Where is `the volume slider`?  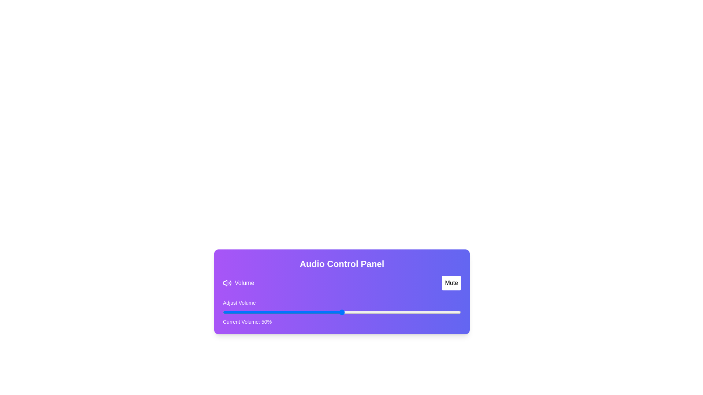
the volume slider is located at coordinates (453, 312).